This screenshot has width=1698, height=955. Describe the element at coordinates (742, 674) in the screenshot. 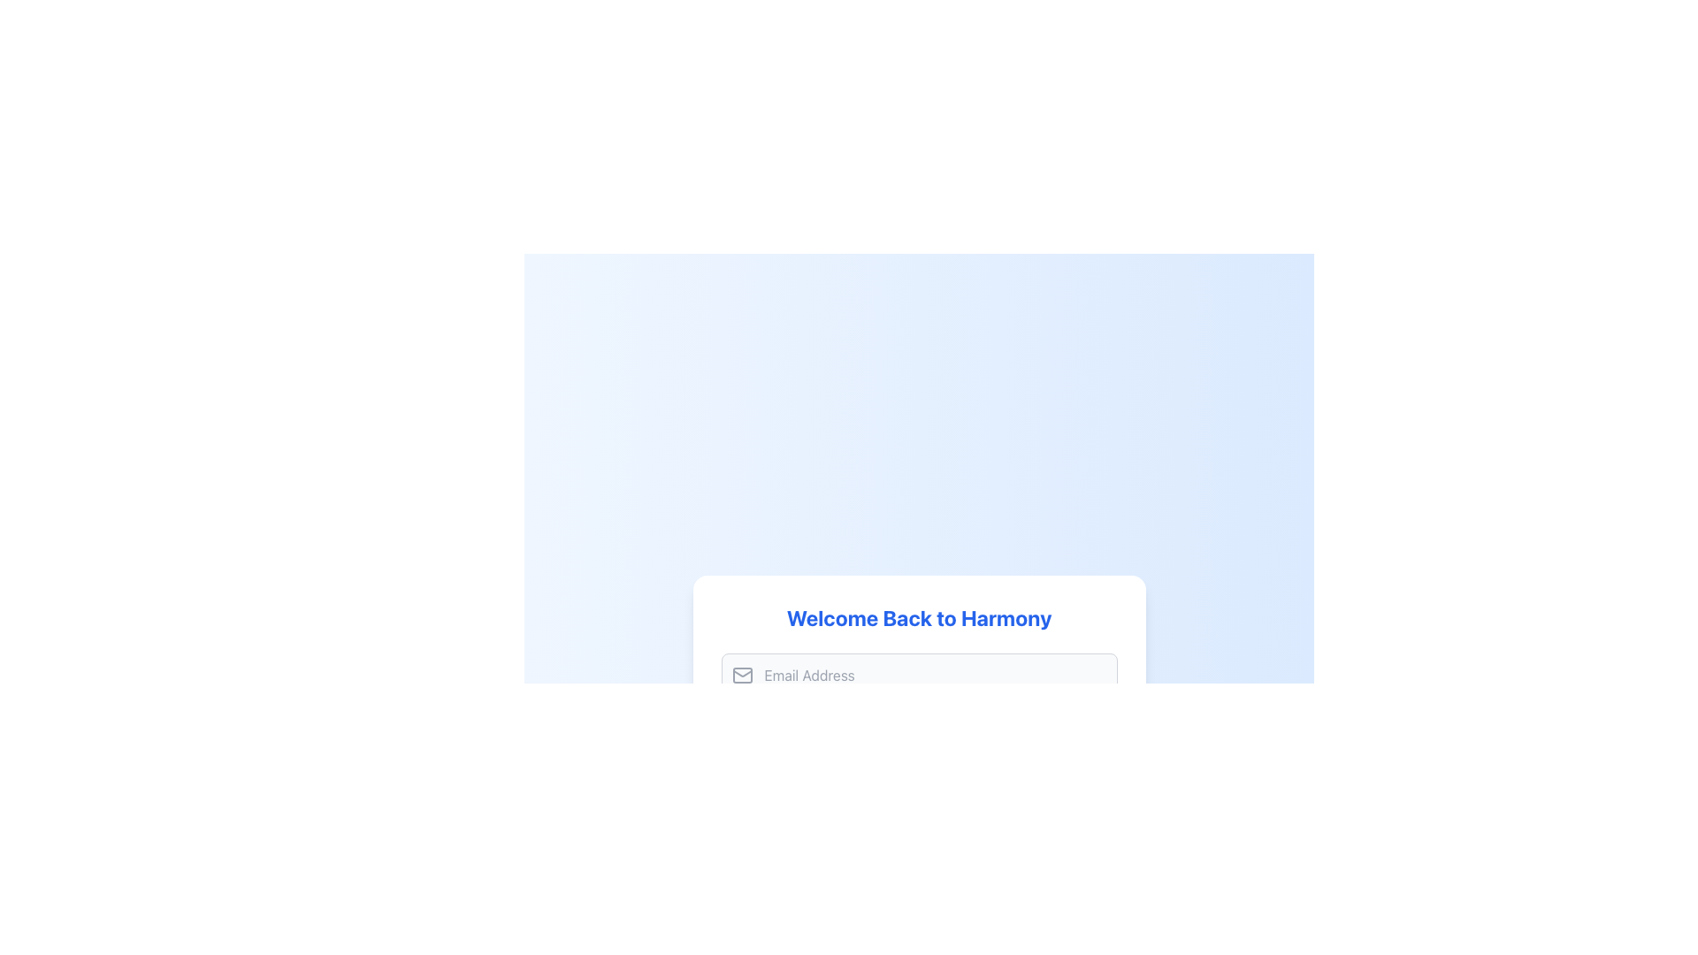

I see `diagonal lines forming a triangular shape inside the envelope of the mail icon located at the center of the envelope icon` at that location.